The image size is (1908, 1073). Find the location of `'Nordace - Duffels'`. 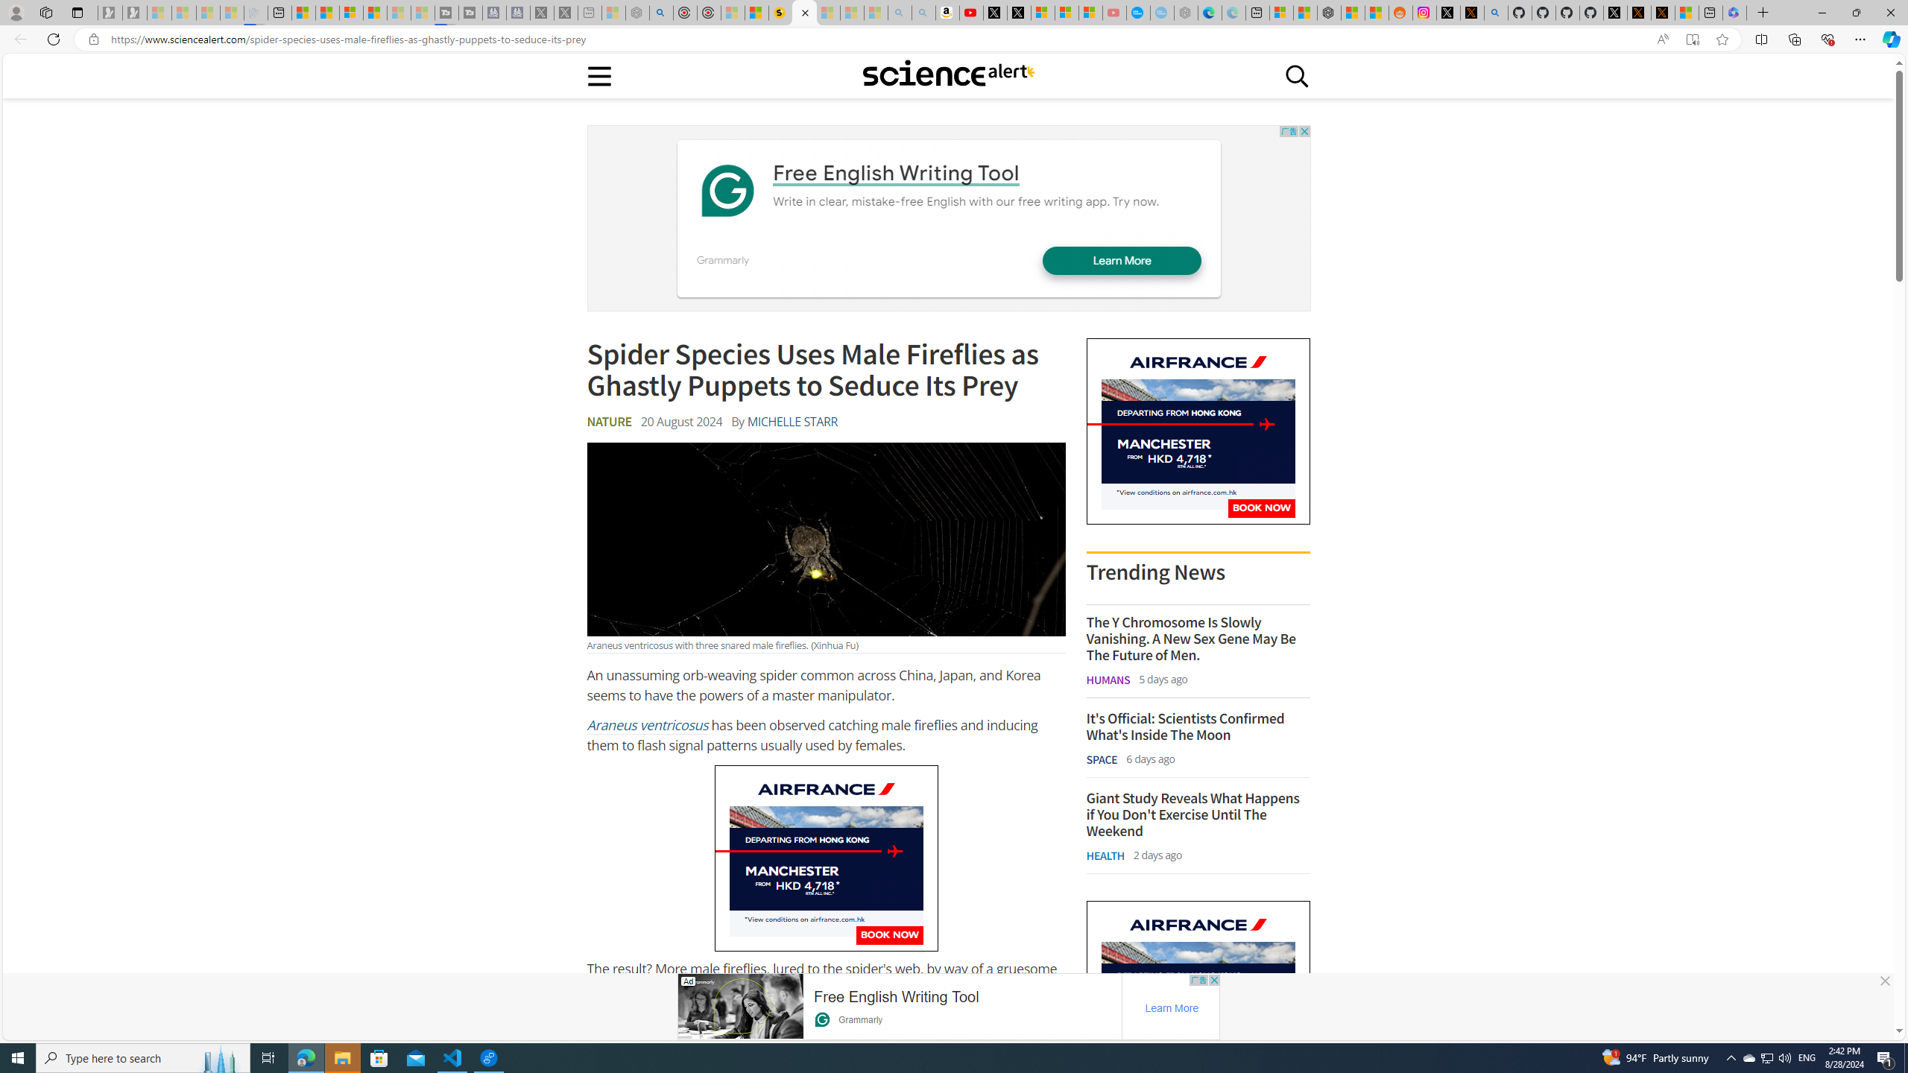

'Nordace - Duffels' is located at coordinates (1328, 12).